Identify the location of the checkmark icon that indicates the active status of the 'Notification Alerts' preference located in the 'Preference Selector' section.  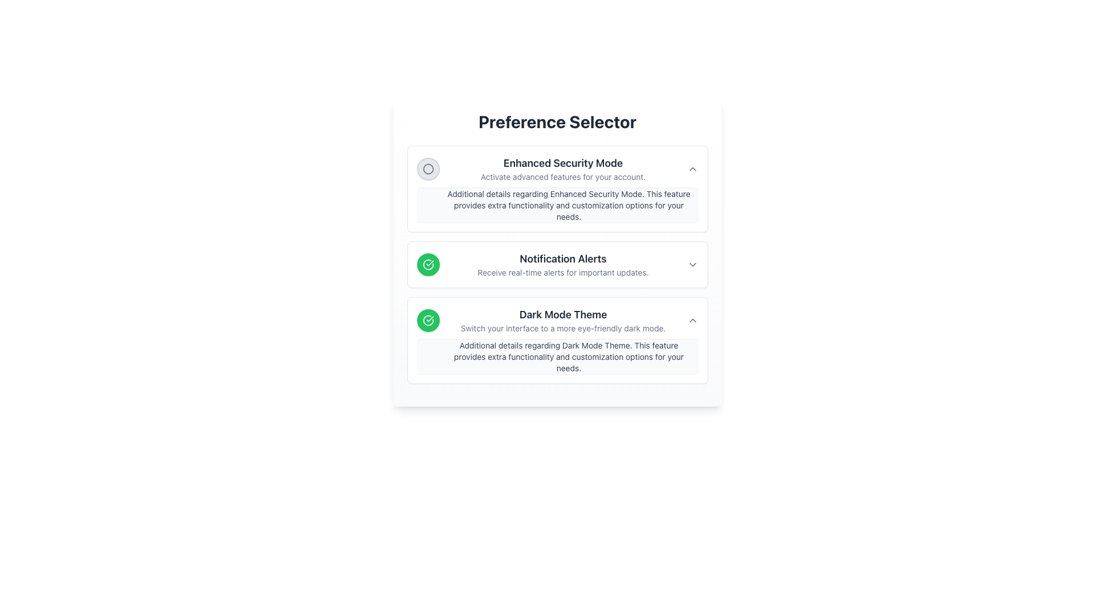
(427, 265).